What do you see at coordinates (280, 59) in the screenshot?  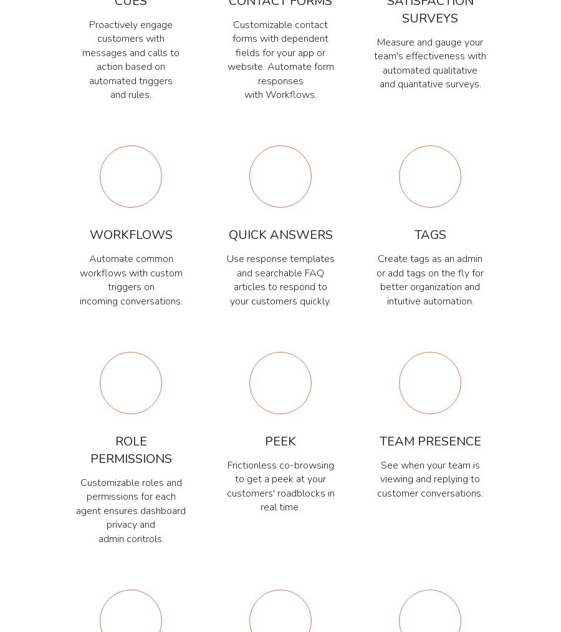 I see `'Customizable contact forms with dependent fields for your app or website. Automate form responses with Workflows.'` at bounding box center [280, 59].